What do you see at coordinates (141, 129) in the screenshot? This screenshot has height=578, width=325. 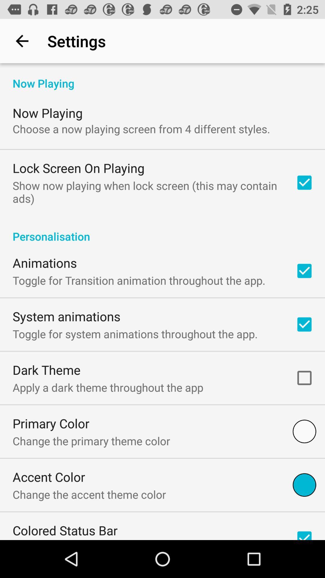 I see `the icon below the now playing` at bounding box center [141, 129].